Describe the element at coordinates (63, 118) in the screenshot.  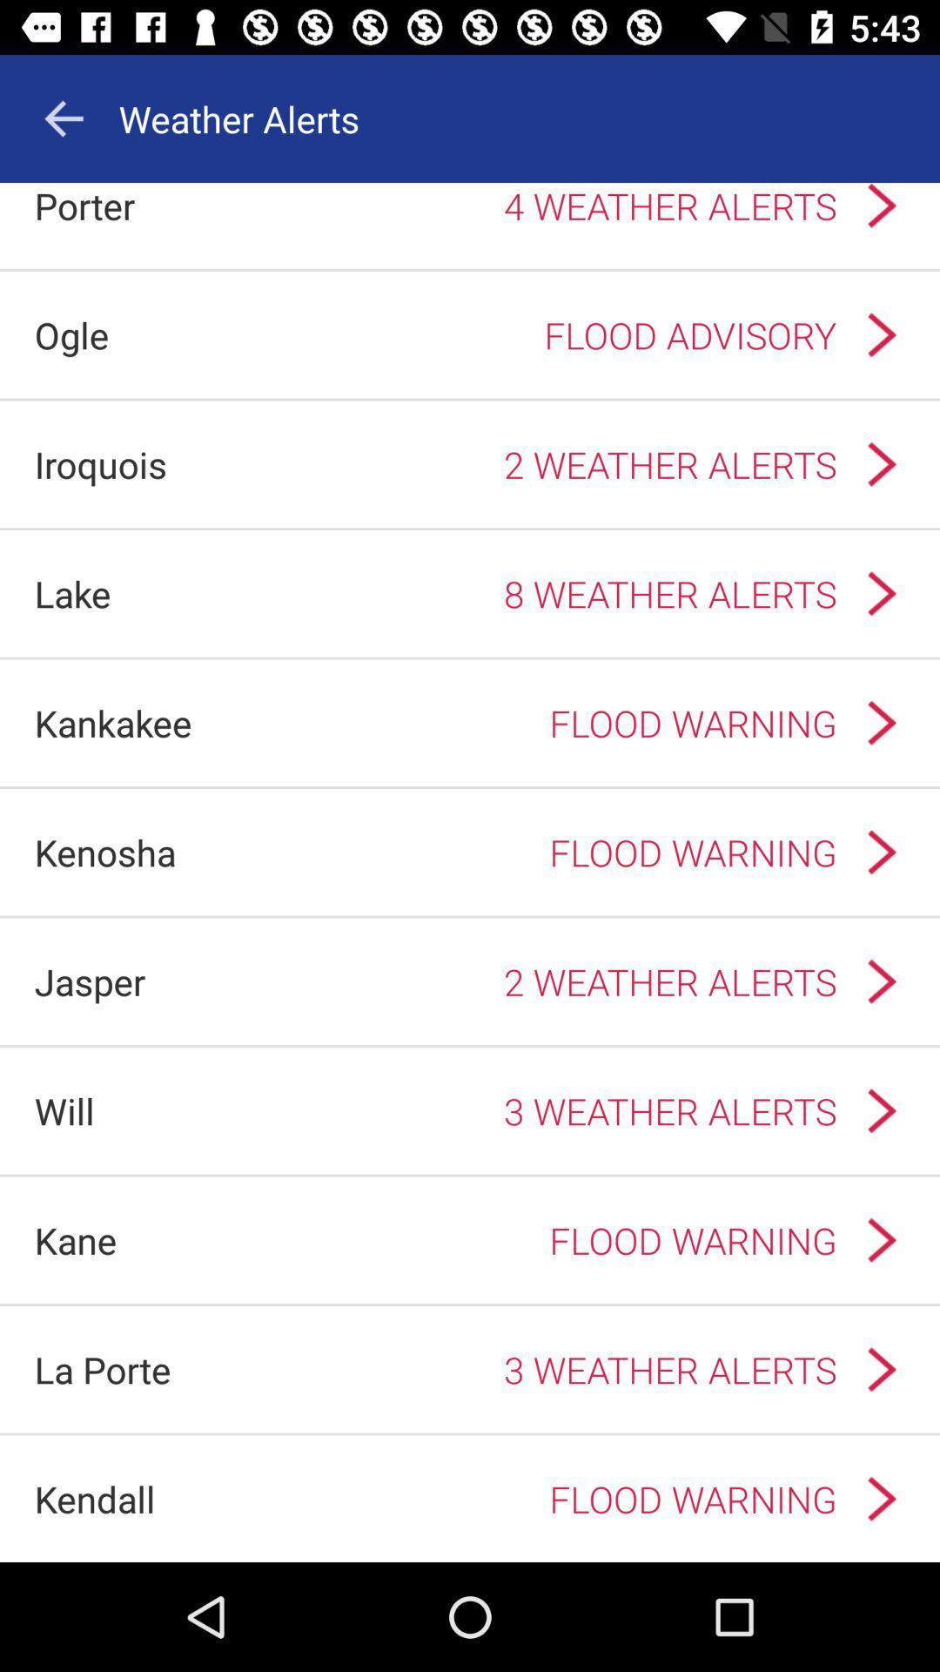
I see `the arrow_backward icon` at that location.